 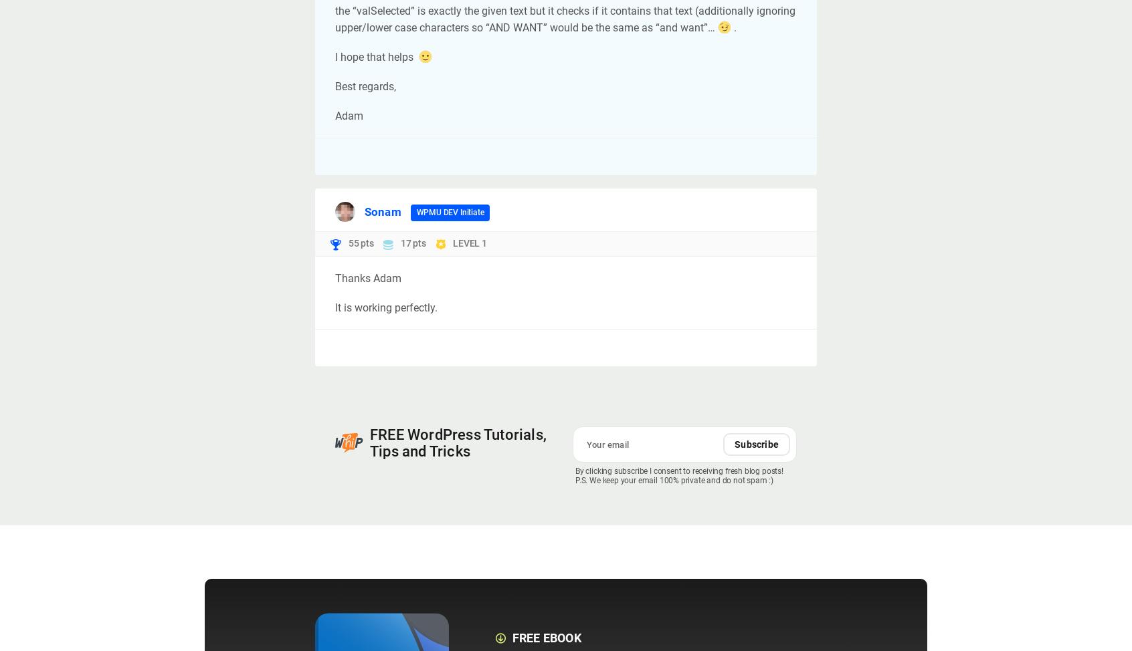 I want to click on 'It is working perfectly.', so click(x=385, y=306).